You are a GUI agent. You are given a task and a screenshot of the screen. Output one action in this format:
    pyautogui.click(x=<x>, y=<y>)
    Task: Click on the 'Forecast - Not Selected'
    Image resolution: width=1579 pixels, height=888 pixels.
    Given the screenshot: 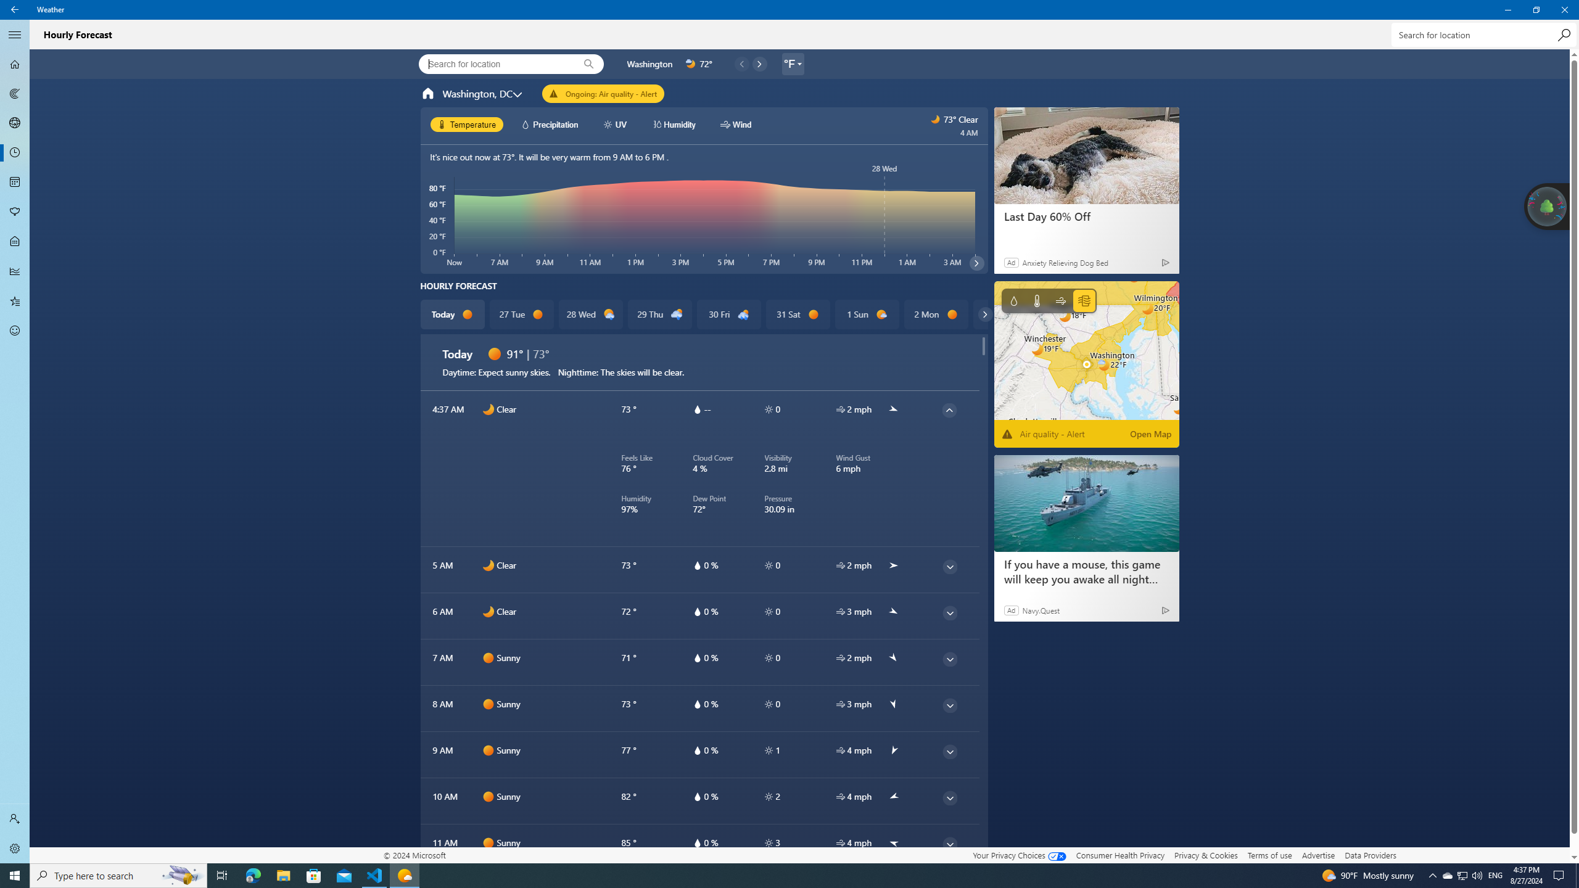 What is the action you would take?
    pyautogui.click(x=15, y=64)
    